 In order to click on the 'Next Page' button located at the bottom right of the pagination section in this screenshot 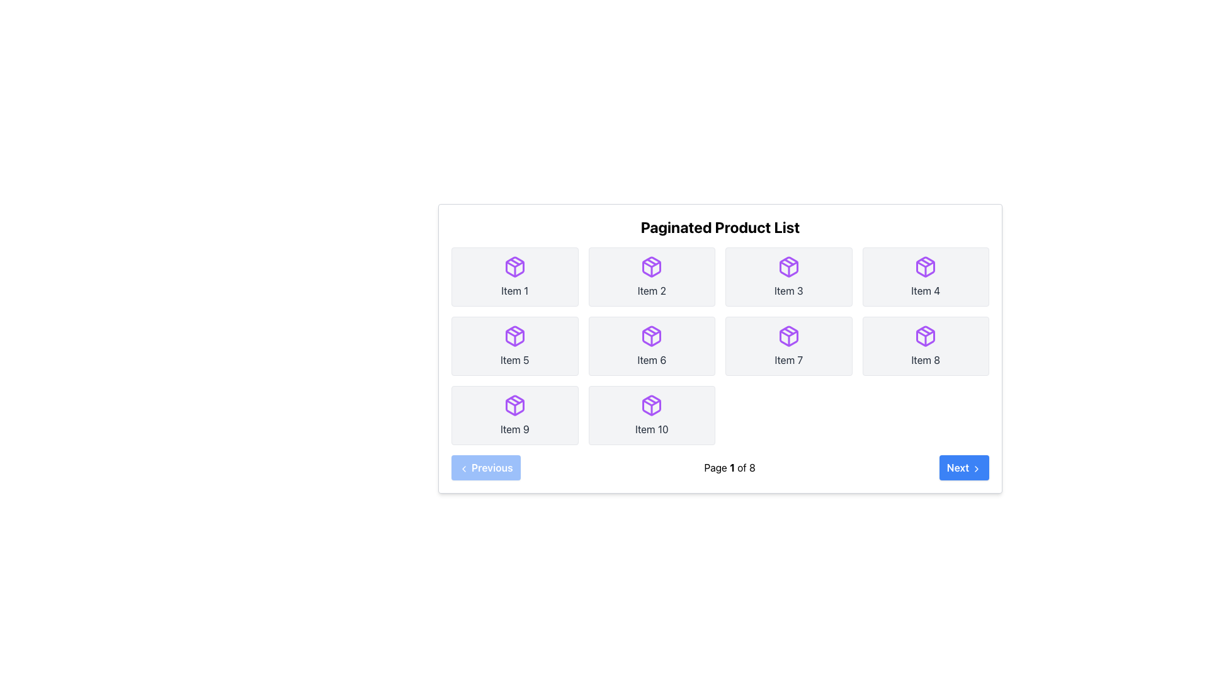, I will do `click(963, 468)`.